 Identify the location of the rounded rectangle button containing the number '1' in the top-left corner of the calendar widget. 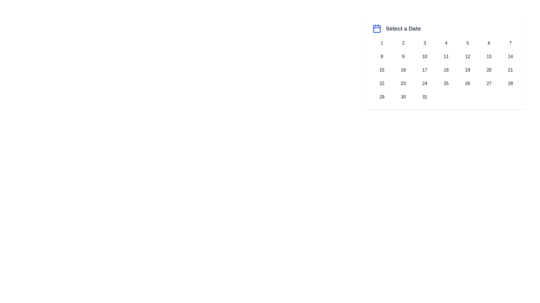
(382, 43).